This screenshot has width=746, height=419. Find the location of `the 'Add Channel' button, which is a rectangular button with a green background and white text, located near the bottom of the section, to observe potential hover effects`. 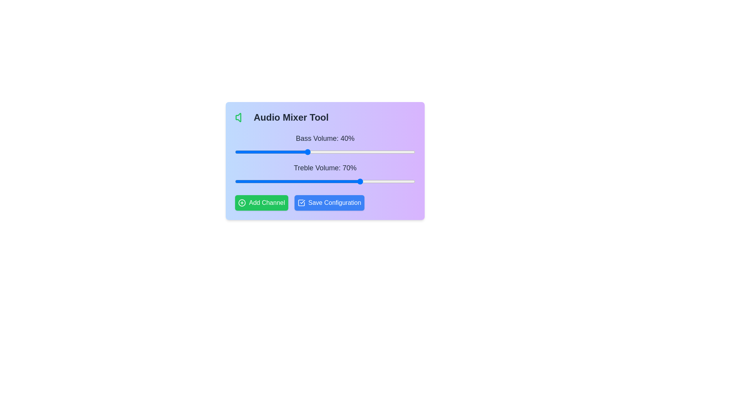

the 'Add Channel' button, which is a rectangular button with a green background and white text, located near the bottom of the section, to observe potential hover effects is located at coordinates (261, 203).